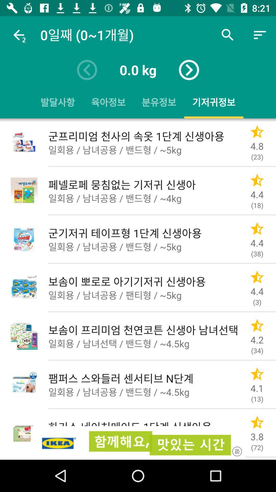 The image size is (276, 492). I want to click on the fourth button with yellow underline, so click(214, 102).